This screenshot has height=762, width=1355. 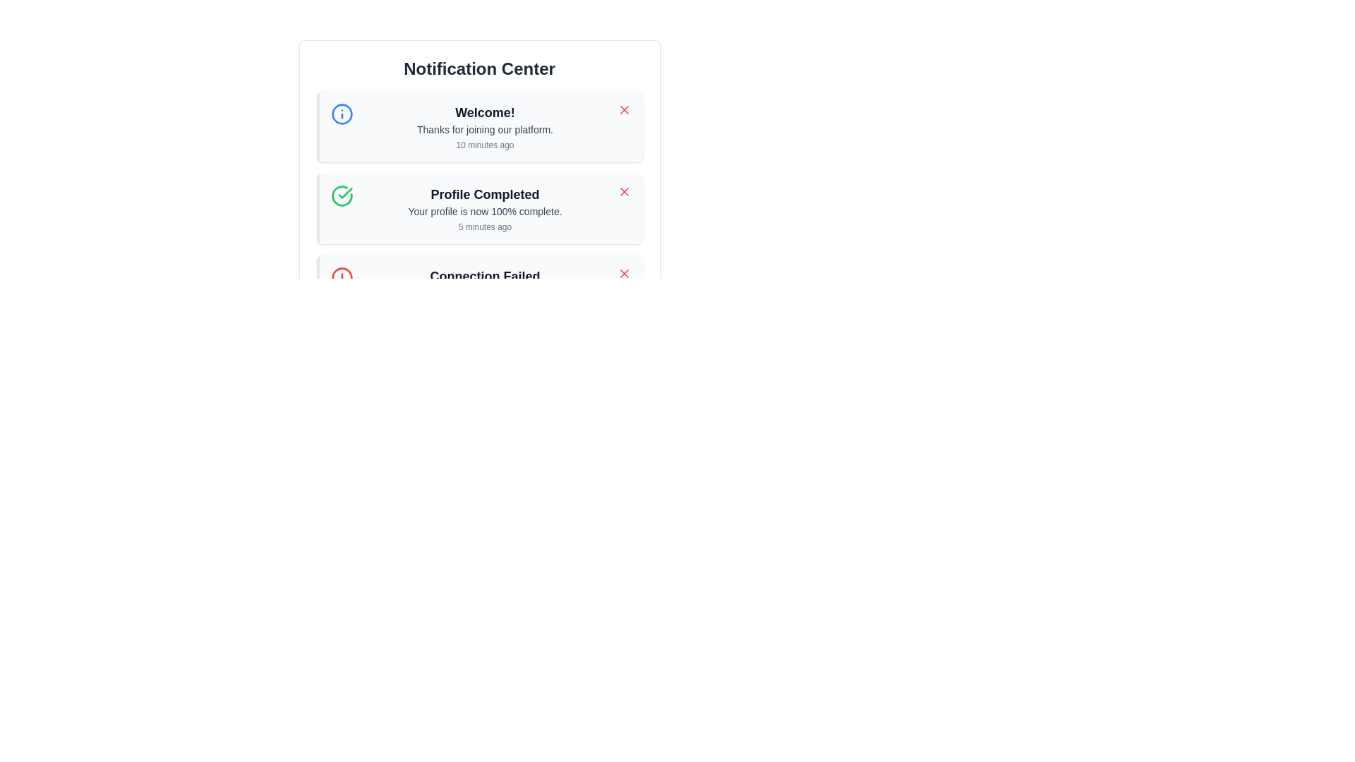 I want to click on the diagonal cross ('X') icon located at the top-right corner of the 'Welcome!' notification card, so click(x=623, y=192).